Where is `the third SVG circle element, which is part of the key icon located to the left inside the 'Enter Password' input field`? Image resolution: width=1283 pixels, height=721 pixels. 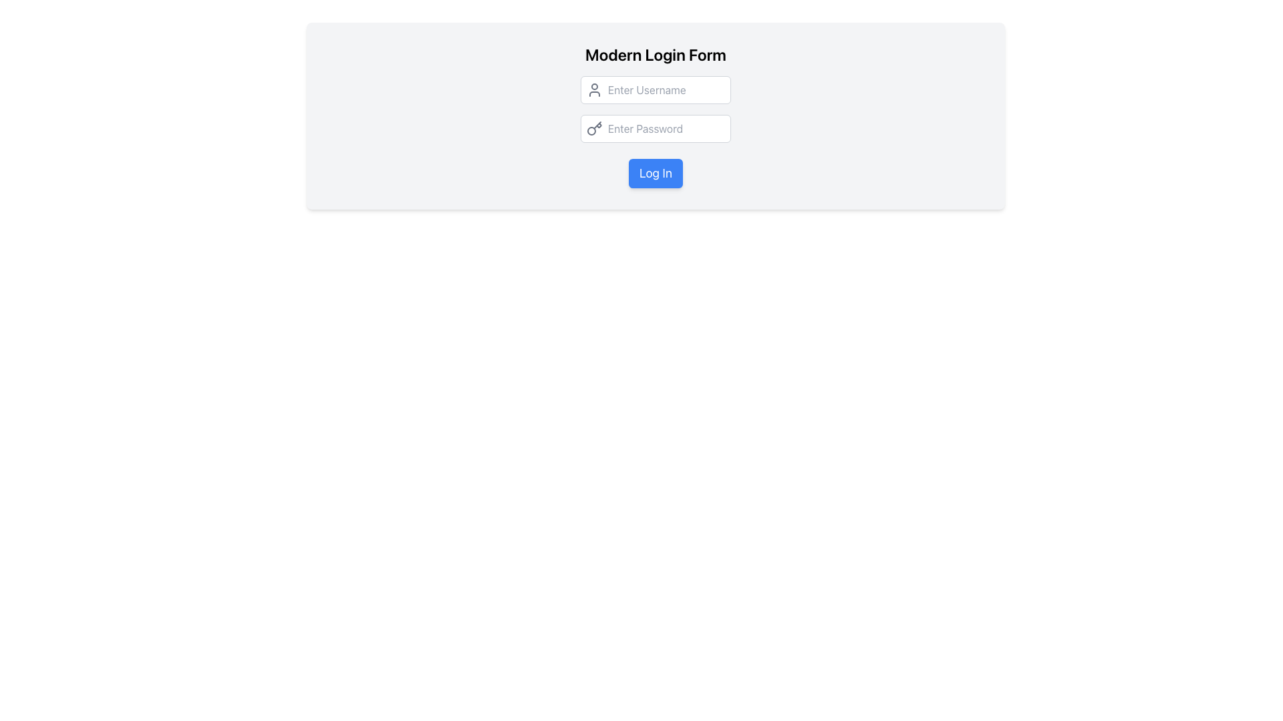
the third SVG circle element, which is part of the key icon located to the left inside the 'Enter Password' input field is located at coordinates (591, 131).